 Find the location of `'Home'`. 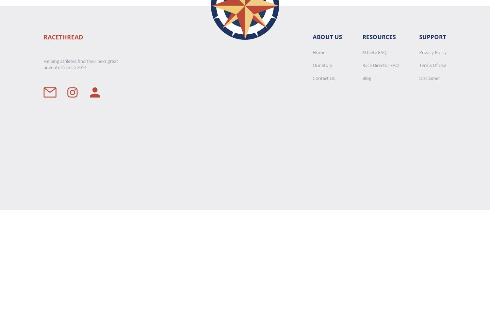

'Home' is located at coordinates (318, 52).